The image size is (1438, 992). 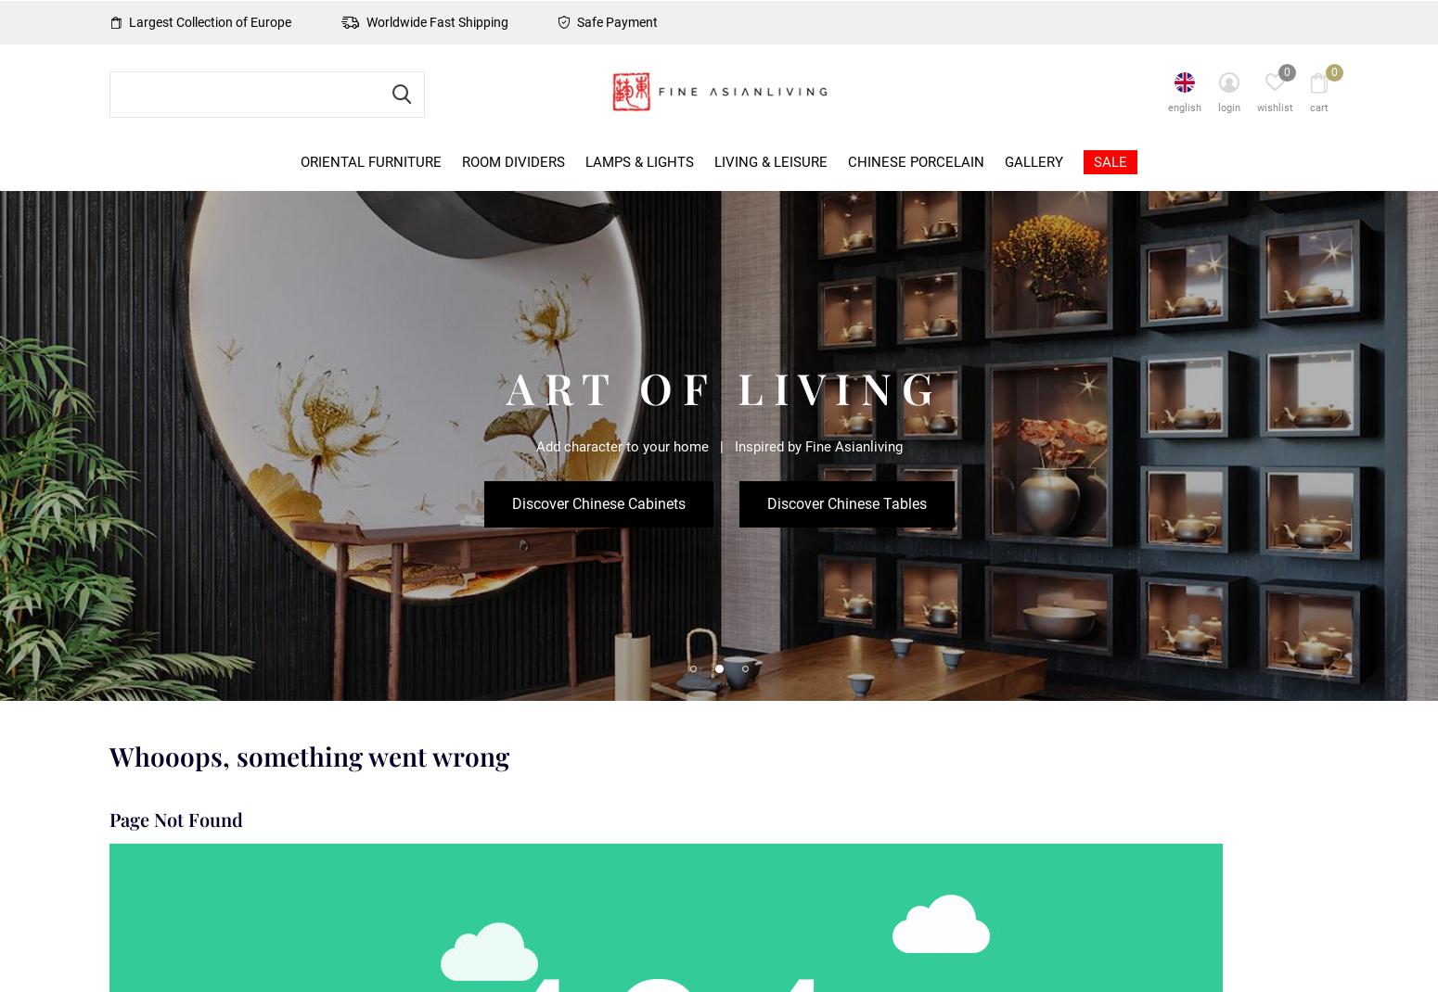 I want to click on 'Page Not Found', so click(x=175, y=819).